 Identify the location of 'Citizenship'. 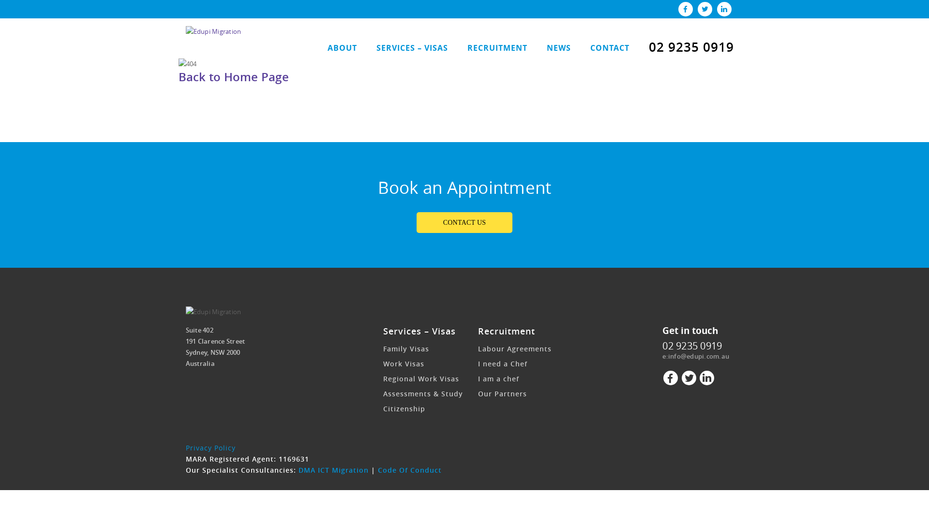
(404, 408).